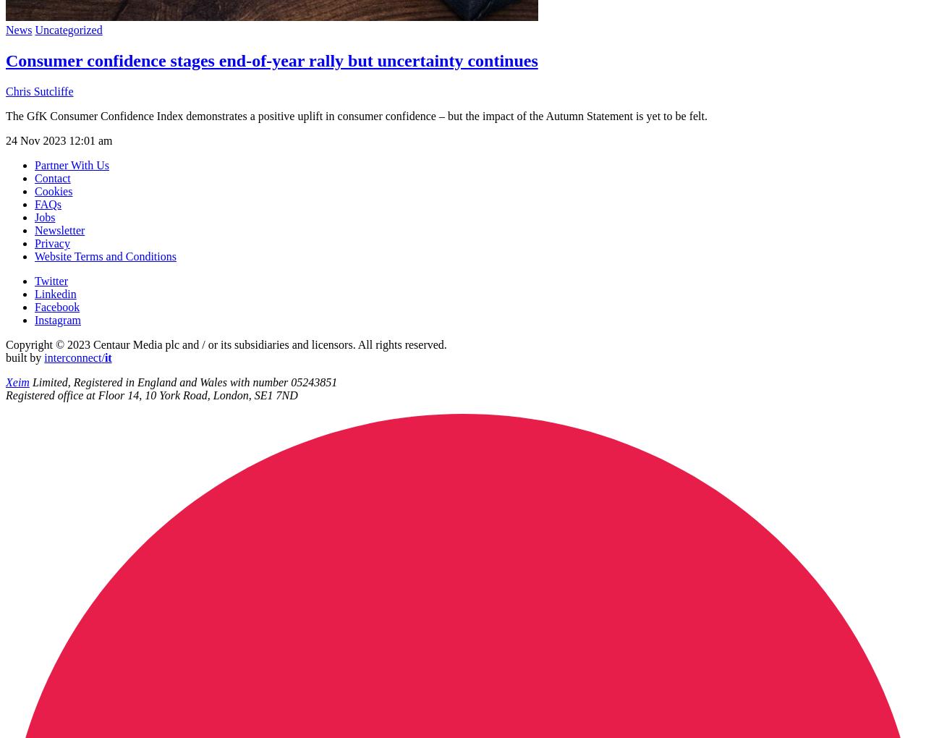  Describe the element at coordinates (44, 216) in the screenshot. I see `'Jobs'` at that location.